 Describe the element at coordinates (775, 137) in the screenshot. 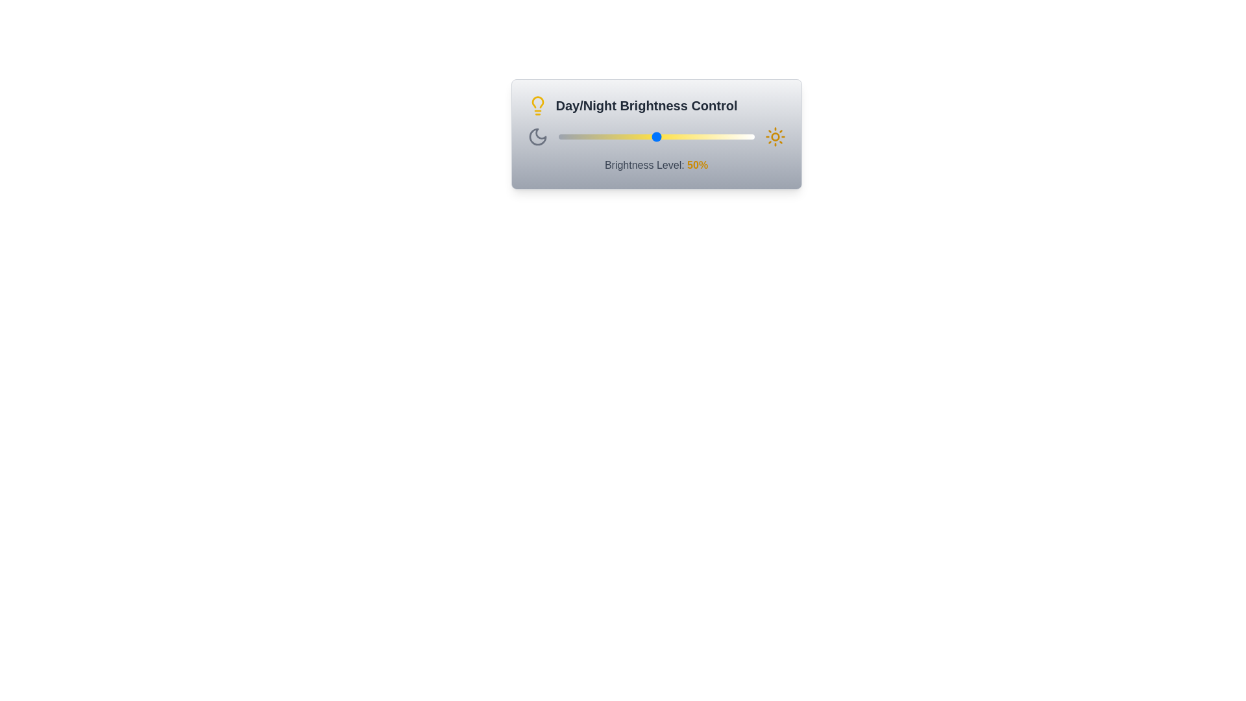

I see `the Sun icon to interact with it` at that location.